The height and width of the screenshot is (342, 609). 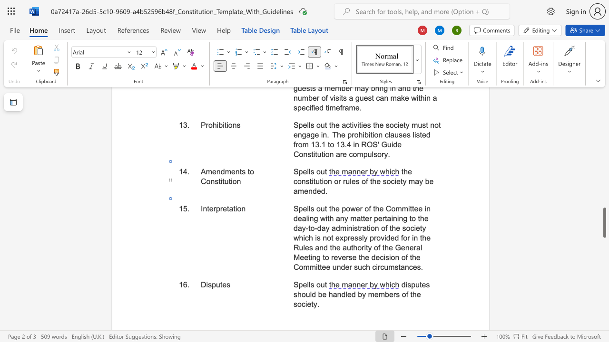 I want to click on the space between the continuous character "e" and "t" in the text, so click(x=226, y=208).